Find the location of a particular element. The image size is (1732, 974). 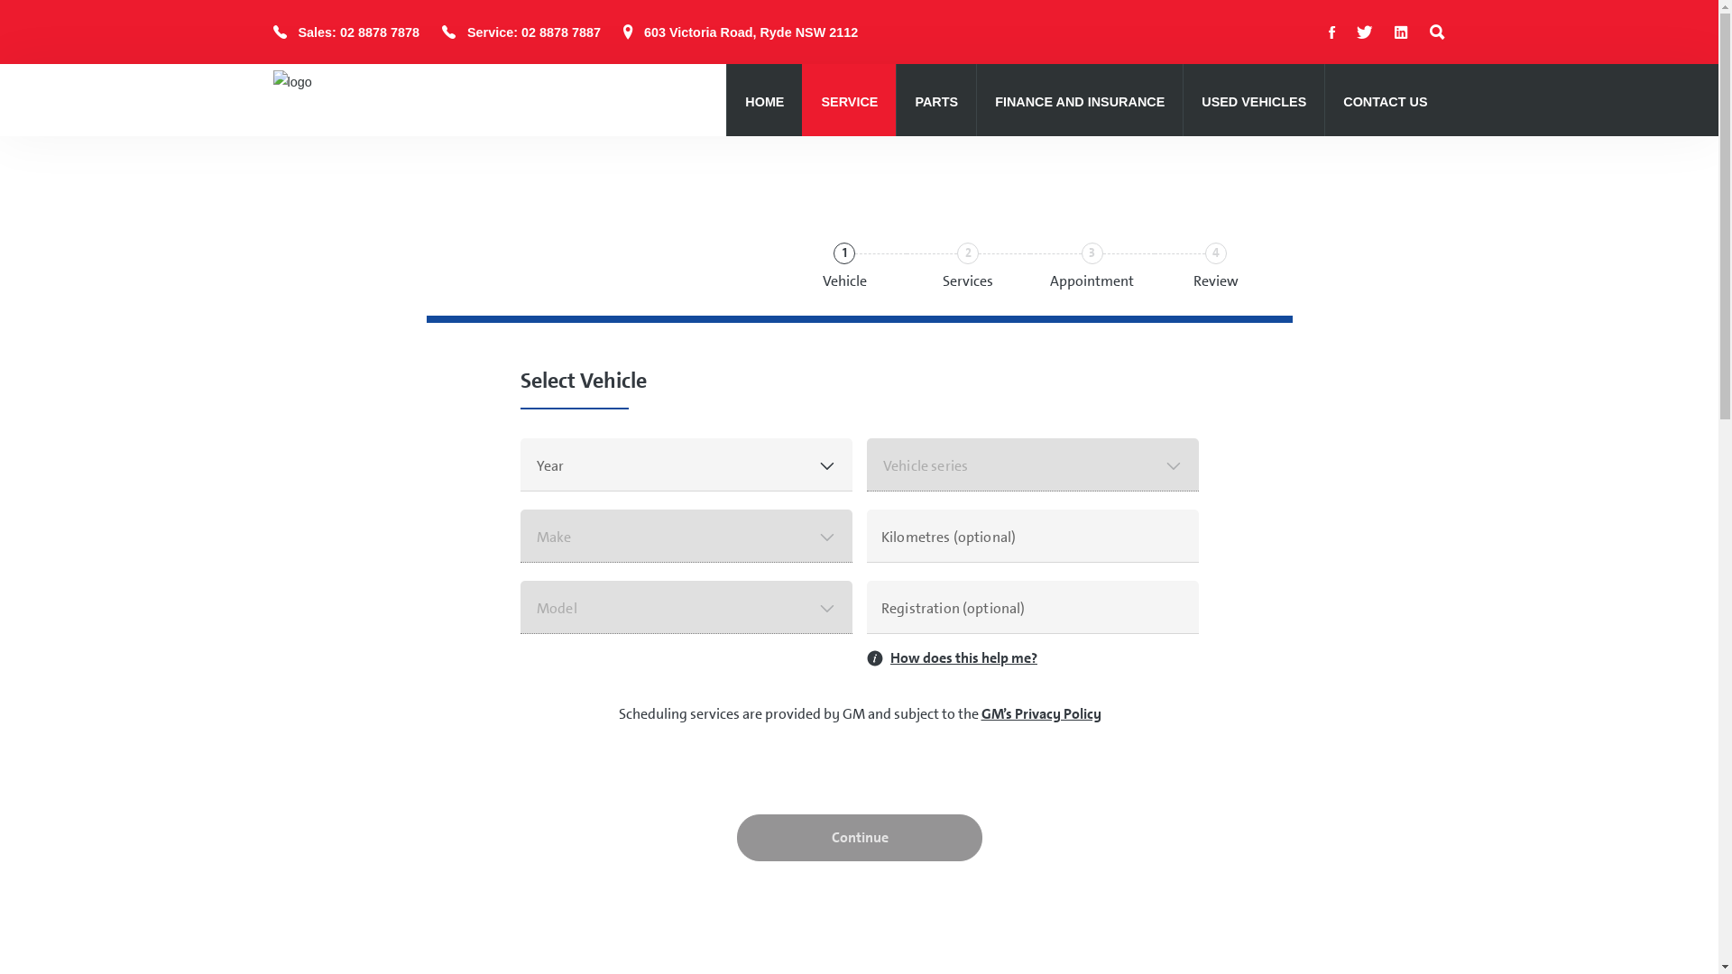

'PARTS' is located at coordinates (935, 101).